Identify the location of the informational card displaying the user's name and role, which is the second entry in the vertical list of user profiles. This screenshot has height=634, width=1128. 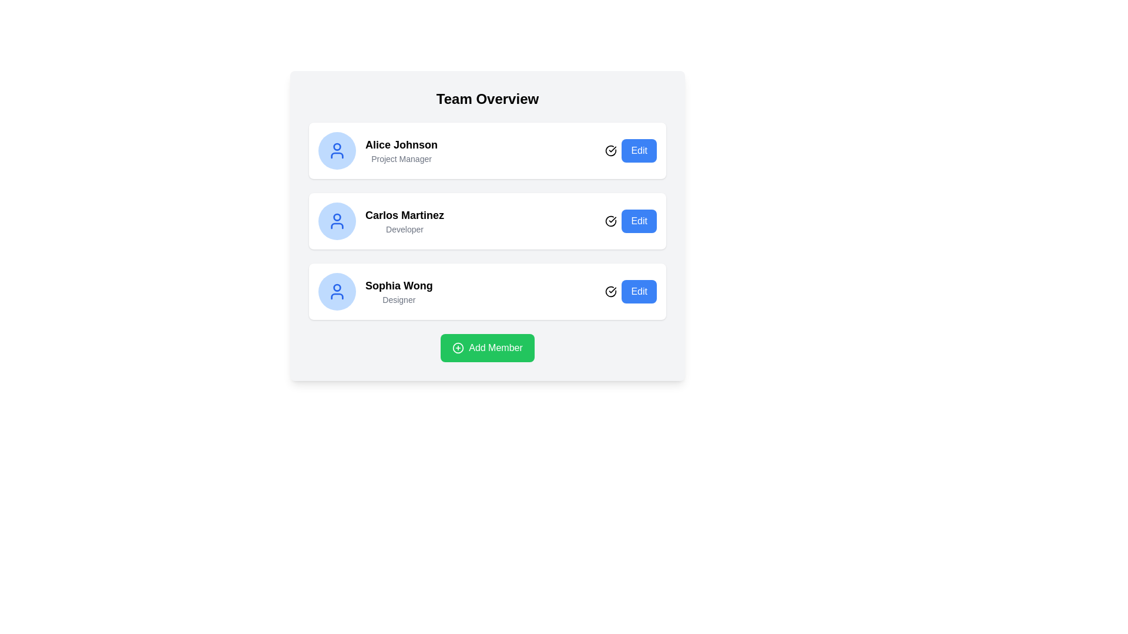
(381, 221).